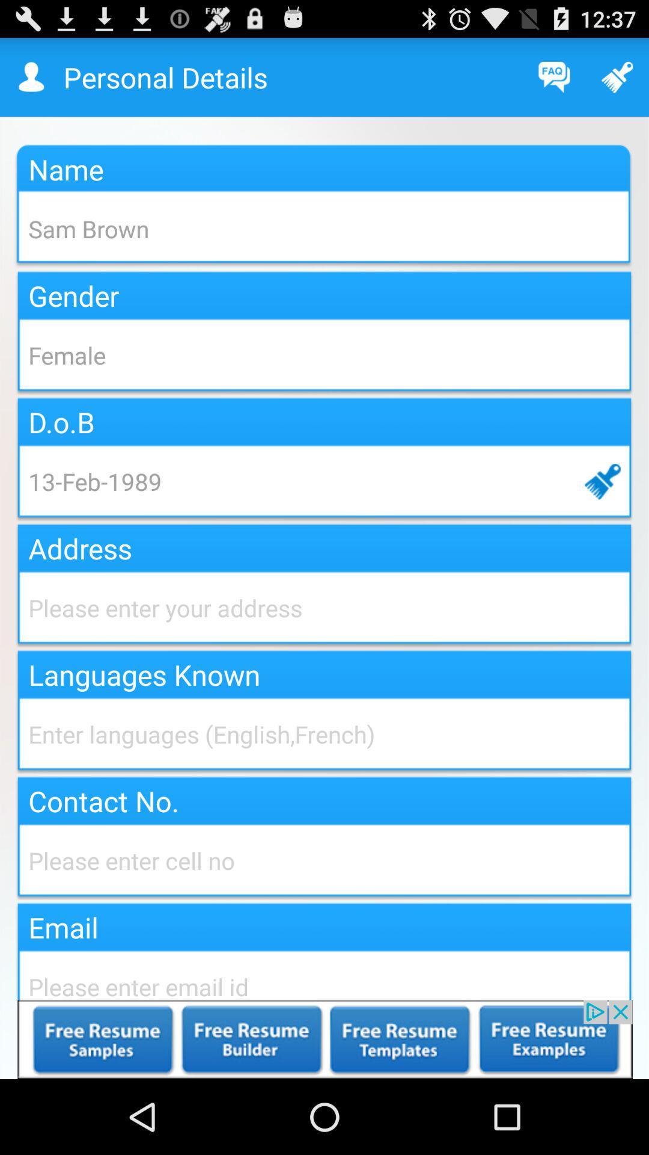 The width and height of the screenshot is (649, 1155). Describe the element at coordinates (554, 82) in the screenshot. I see `the chat icon` at that location.